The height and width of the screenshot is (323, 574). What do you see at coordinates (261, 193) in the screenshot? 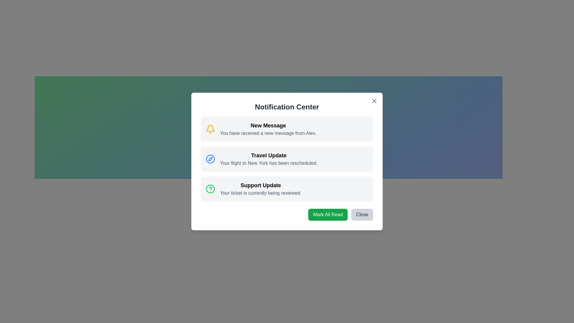
I see `the informational Text label located in the 'Notification Center' dialog box under the 'Support Update' section, positioned below the section title and to the right of the green question mark indicator` at bounding box center [261, 193].